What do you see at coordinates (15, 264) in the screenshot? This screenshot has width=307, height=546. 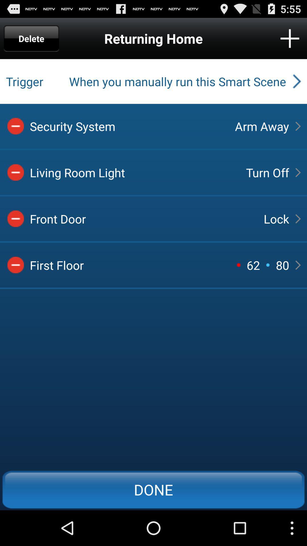 I see `go back` at bounding box center [15, 264].